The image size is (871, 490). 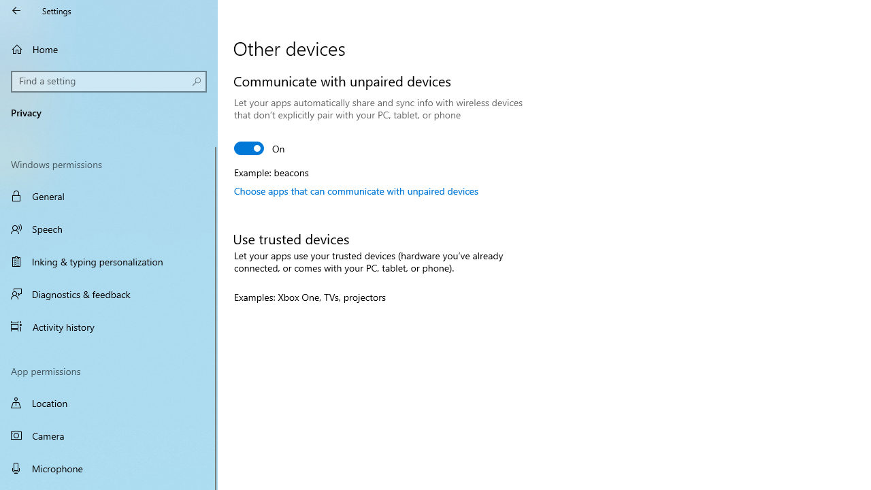 I want to click on 'Activity history', so click(x=109, y=326).